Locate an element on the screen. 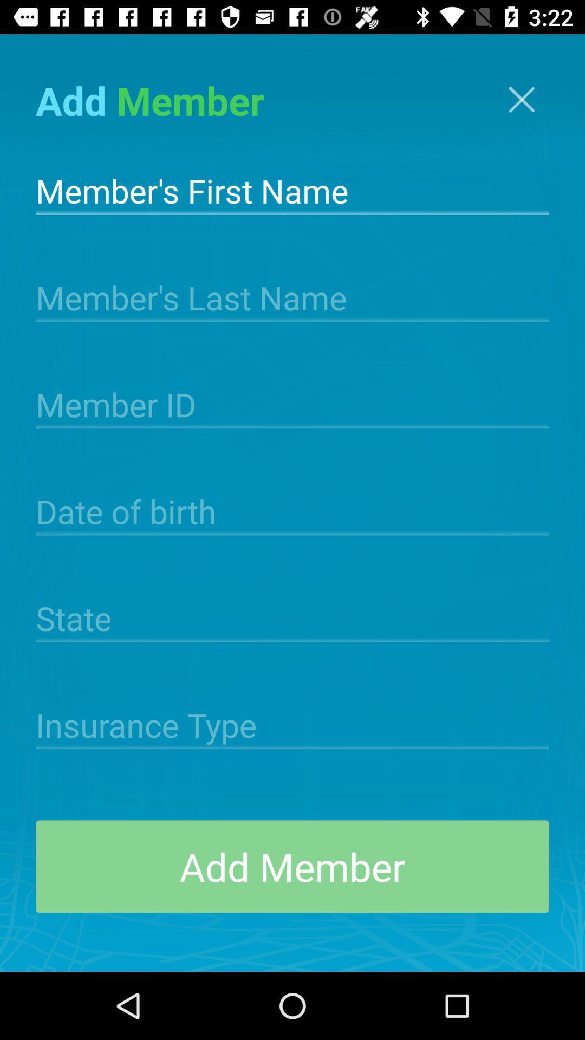  the close icon is located at coordinates (521, 99).